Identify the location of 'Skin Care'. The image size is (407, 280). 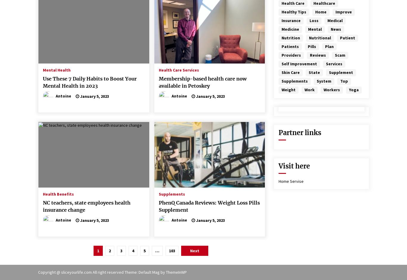
(291, 72).